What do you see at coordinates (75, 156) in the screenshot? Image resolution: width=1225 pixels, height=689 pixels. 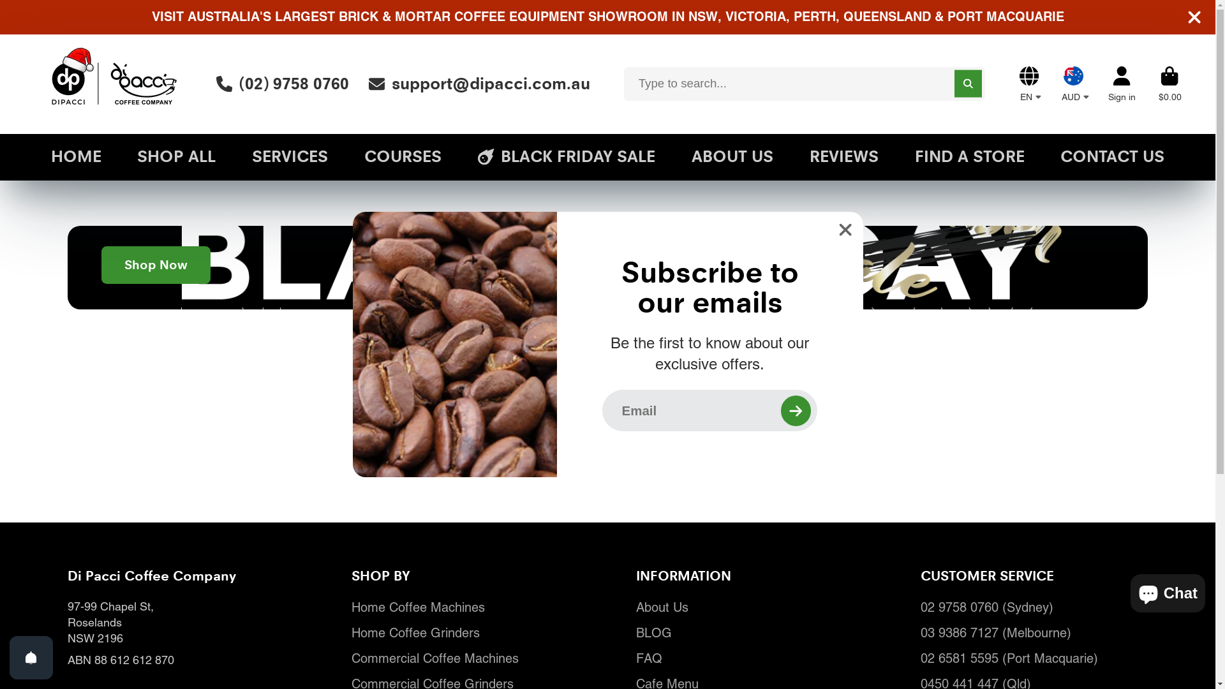 I see `'HOME'` at bounding box center [75, 156].